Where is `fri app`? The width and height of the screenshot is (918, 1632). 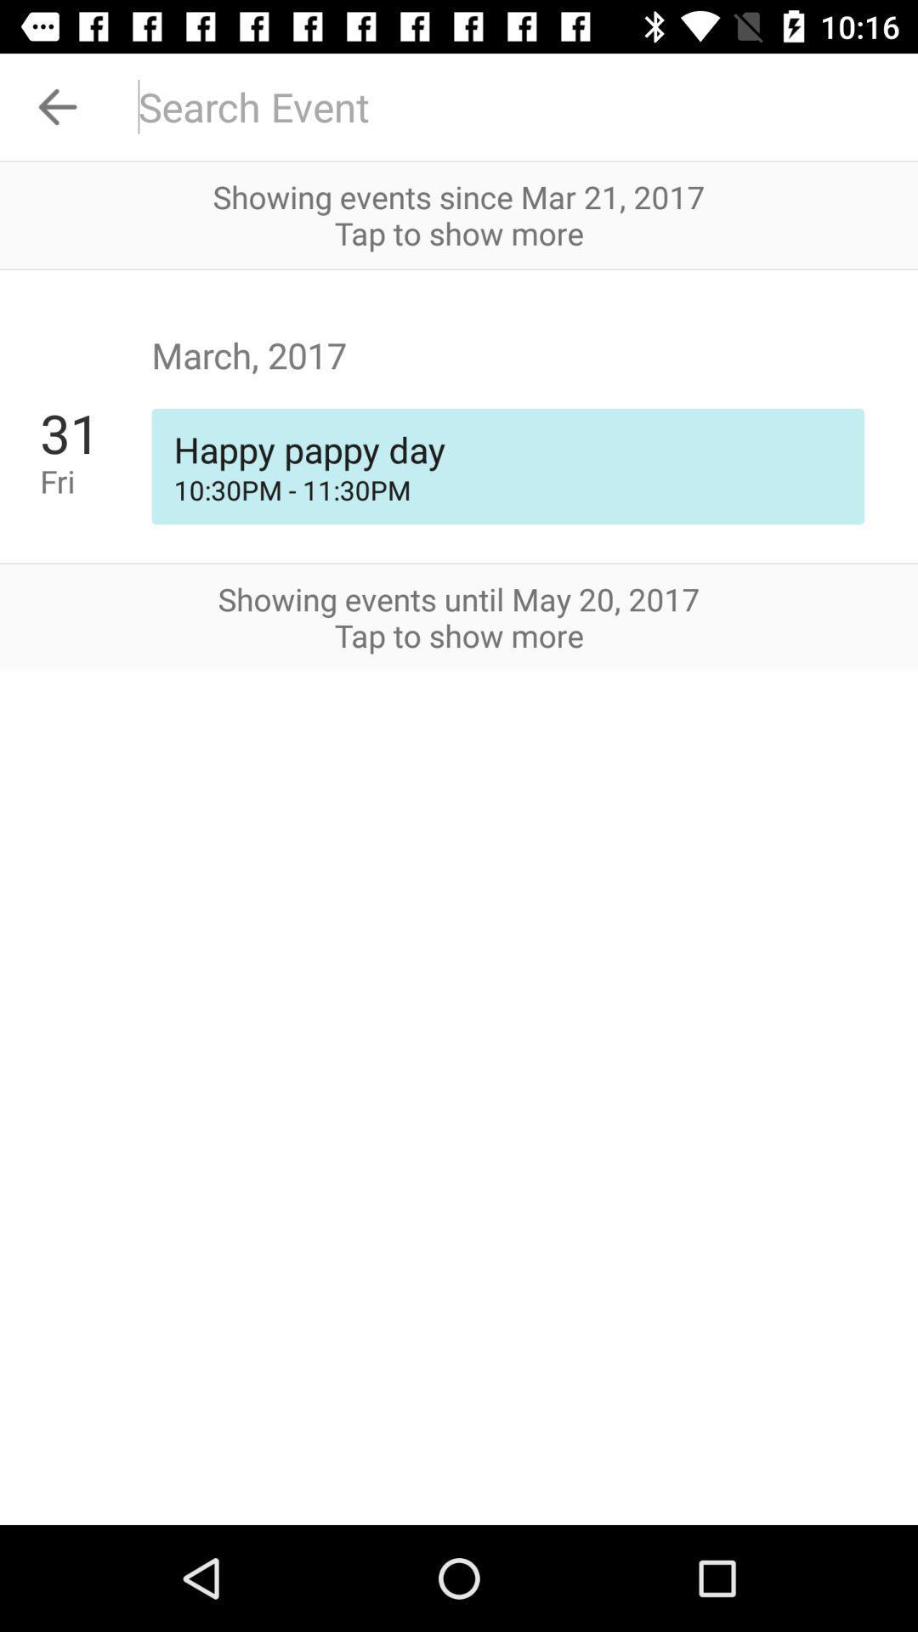
fri app is located at coordinates (95, 480).